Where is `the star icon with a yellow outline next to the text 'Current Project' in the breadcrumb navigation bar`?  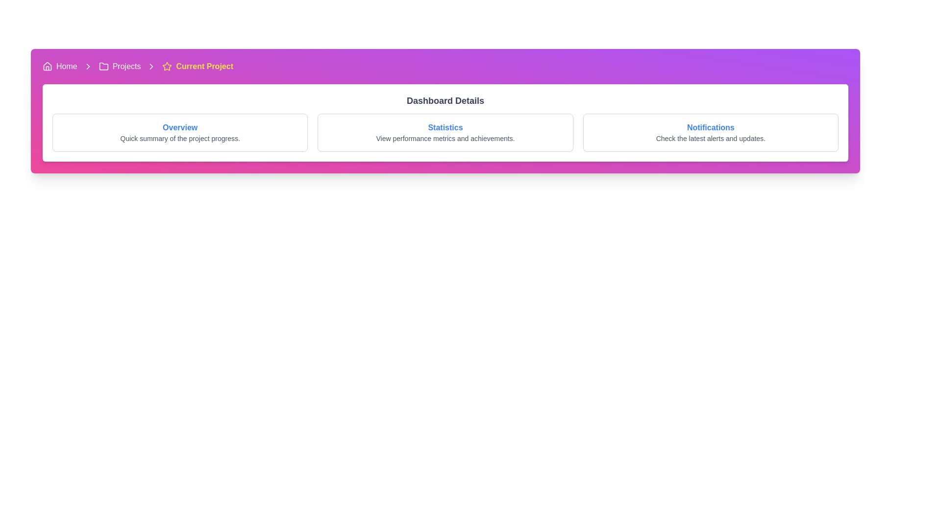
the star icon with a yellow outline next to the text 'Current Project' in the breadcrumb navigation bar is located at coordinates (167, 66).